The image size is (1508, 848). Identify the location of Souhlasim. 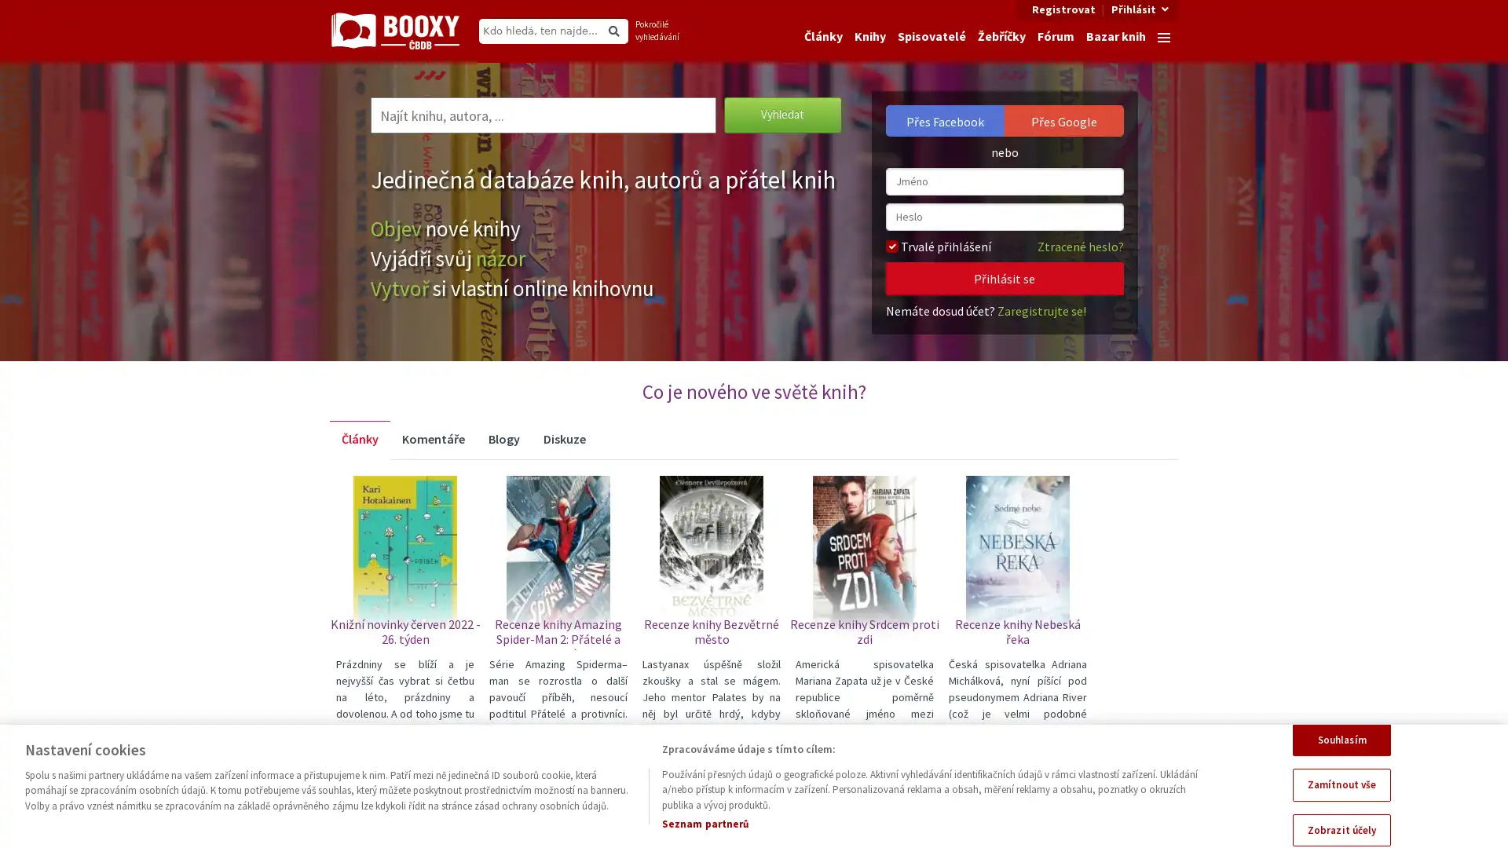
(1341, 739).